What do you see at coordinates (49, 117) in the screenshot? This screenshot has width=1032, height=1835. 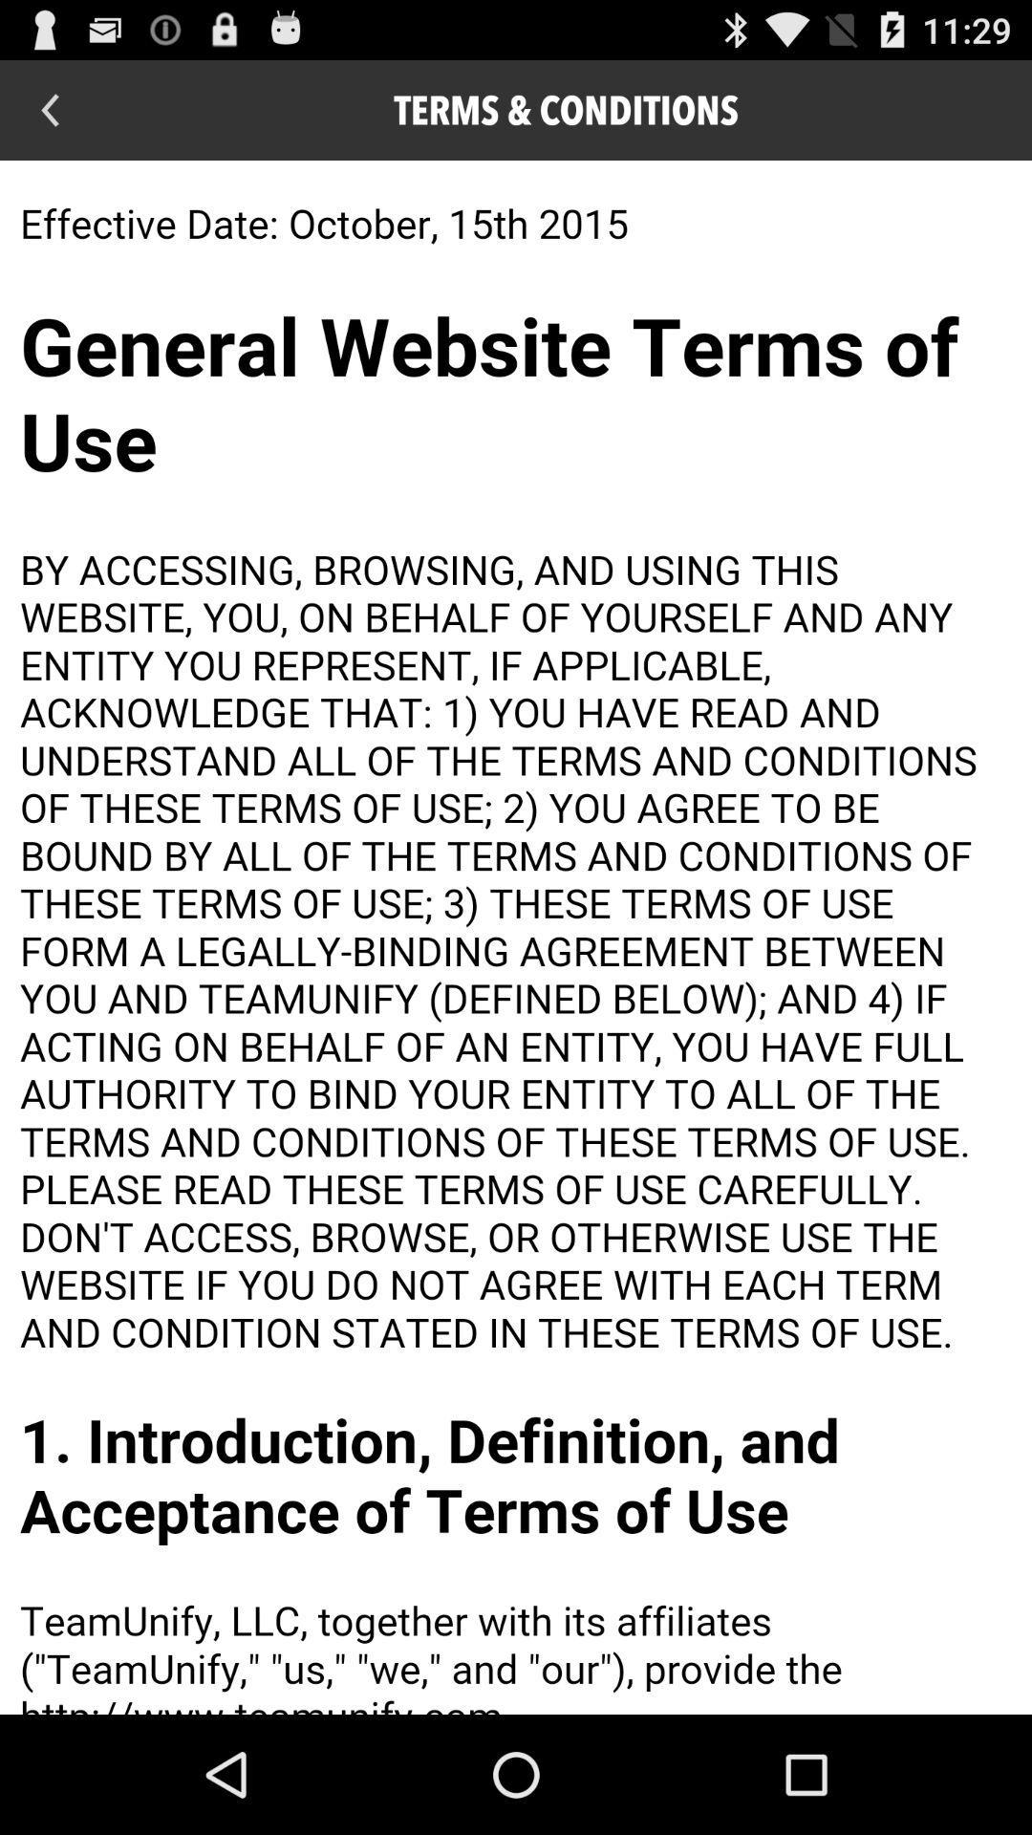 I see `the arrow_backward icon` at bounding box center [49, 117].